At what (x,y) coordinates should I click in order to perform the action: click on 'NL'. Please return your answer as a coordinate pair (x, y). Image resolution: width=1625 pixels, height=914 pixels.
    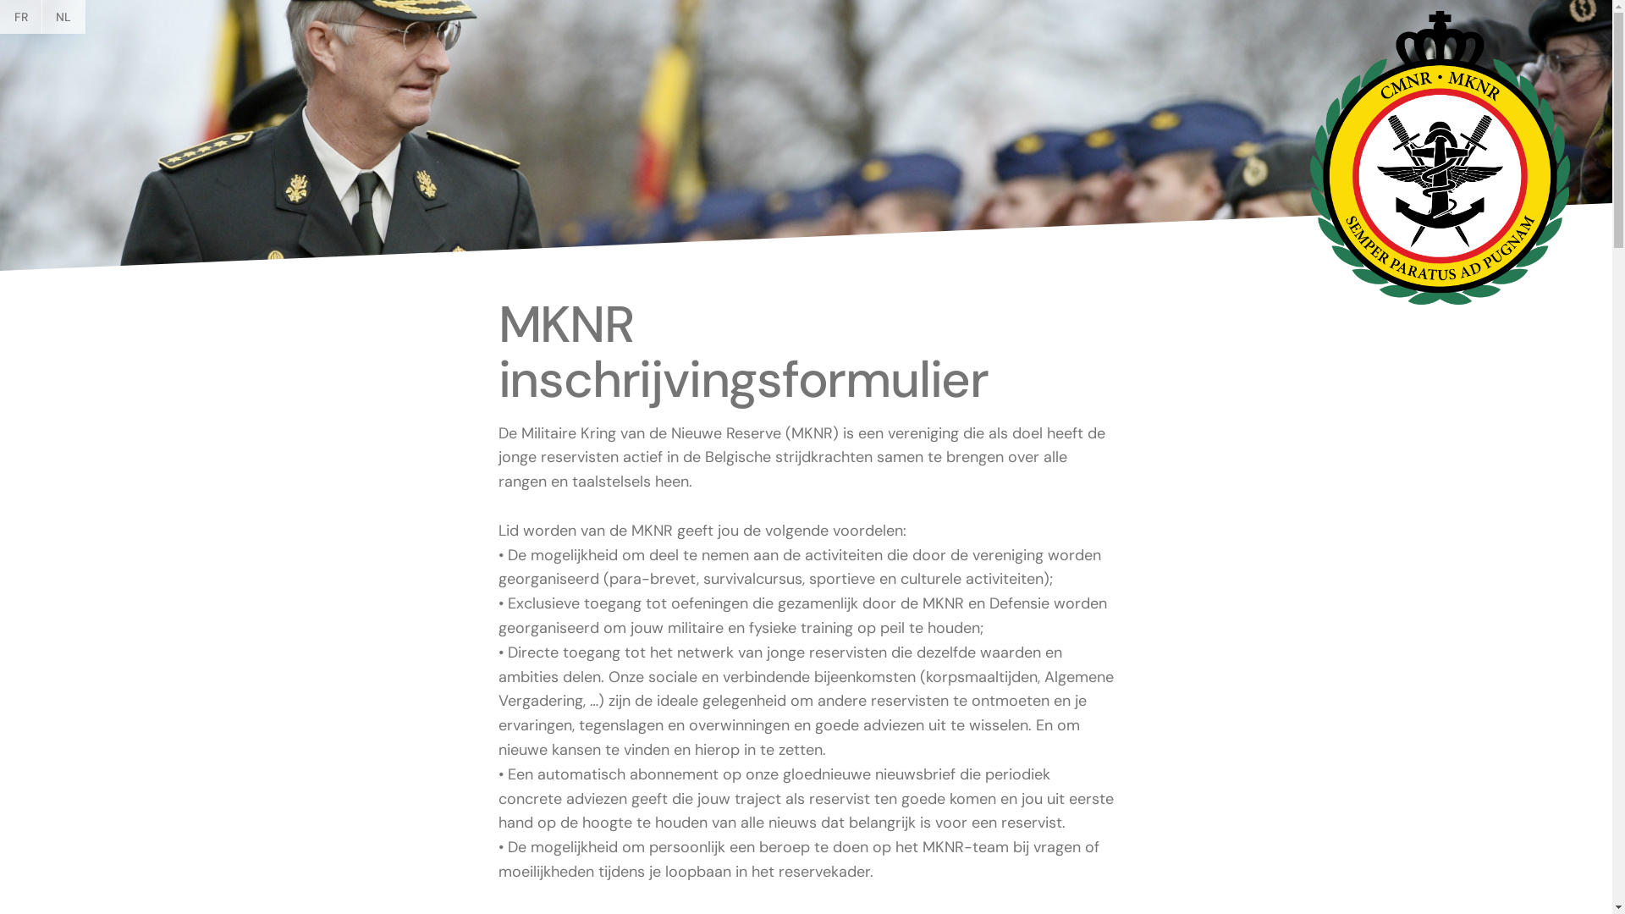
    Looking at the image, I should click on (63, 16).